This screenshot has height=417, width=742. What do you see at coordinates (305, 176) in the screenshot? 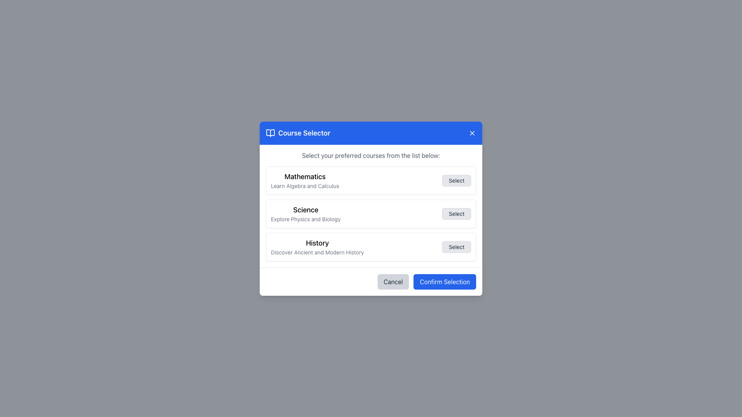
I see `the Text Label for the Mathematics course category, which serves as the title in the course selection list and is located in the upper area of a white rectangular section` at bounding box center [305, 176].